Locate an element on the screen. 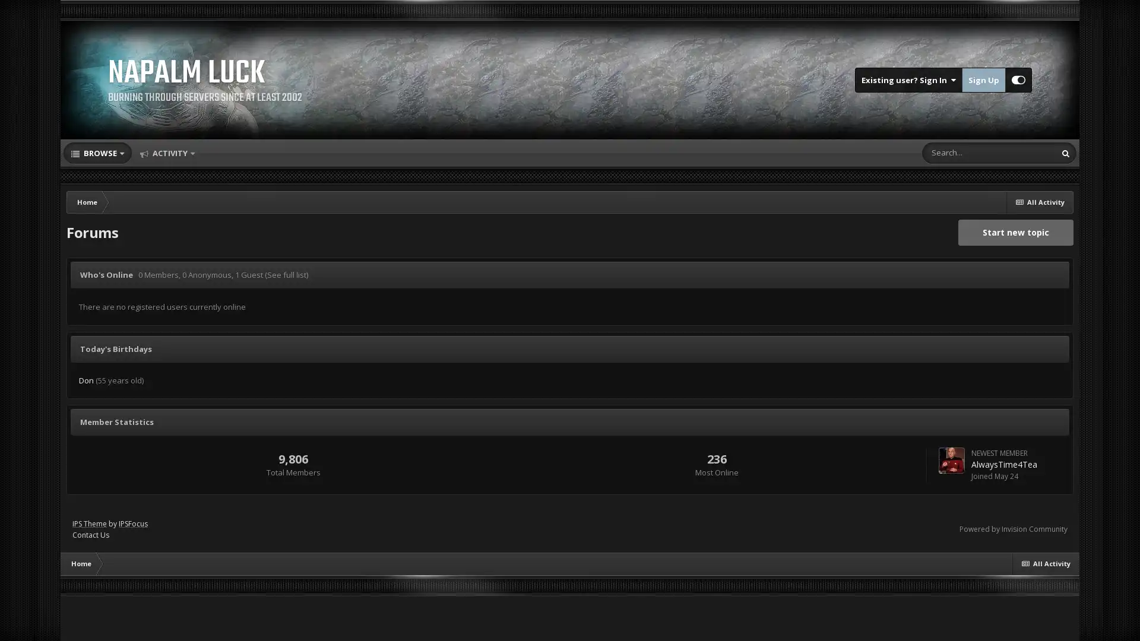  Search is located at coordinates (1066, 153).